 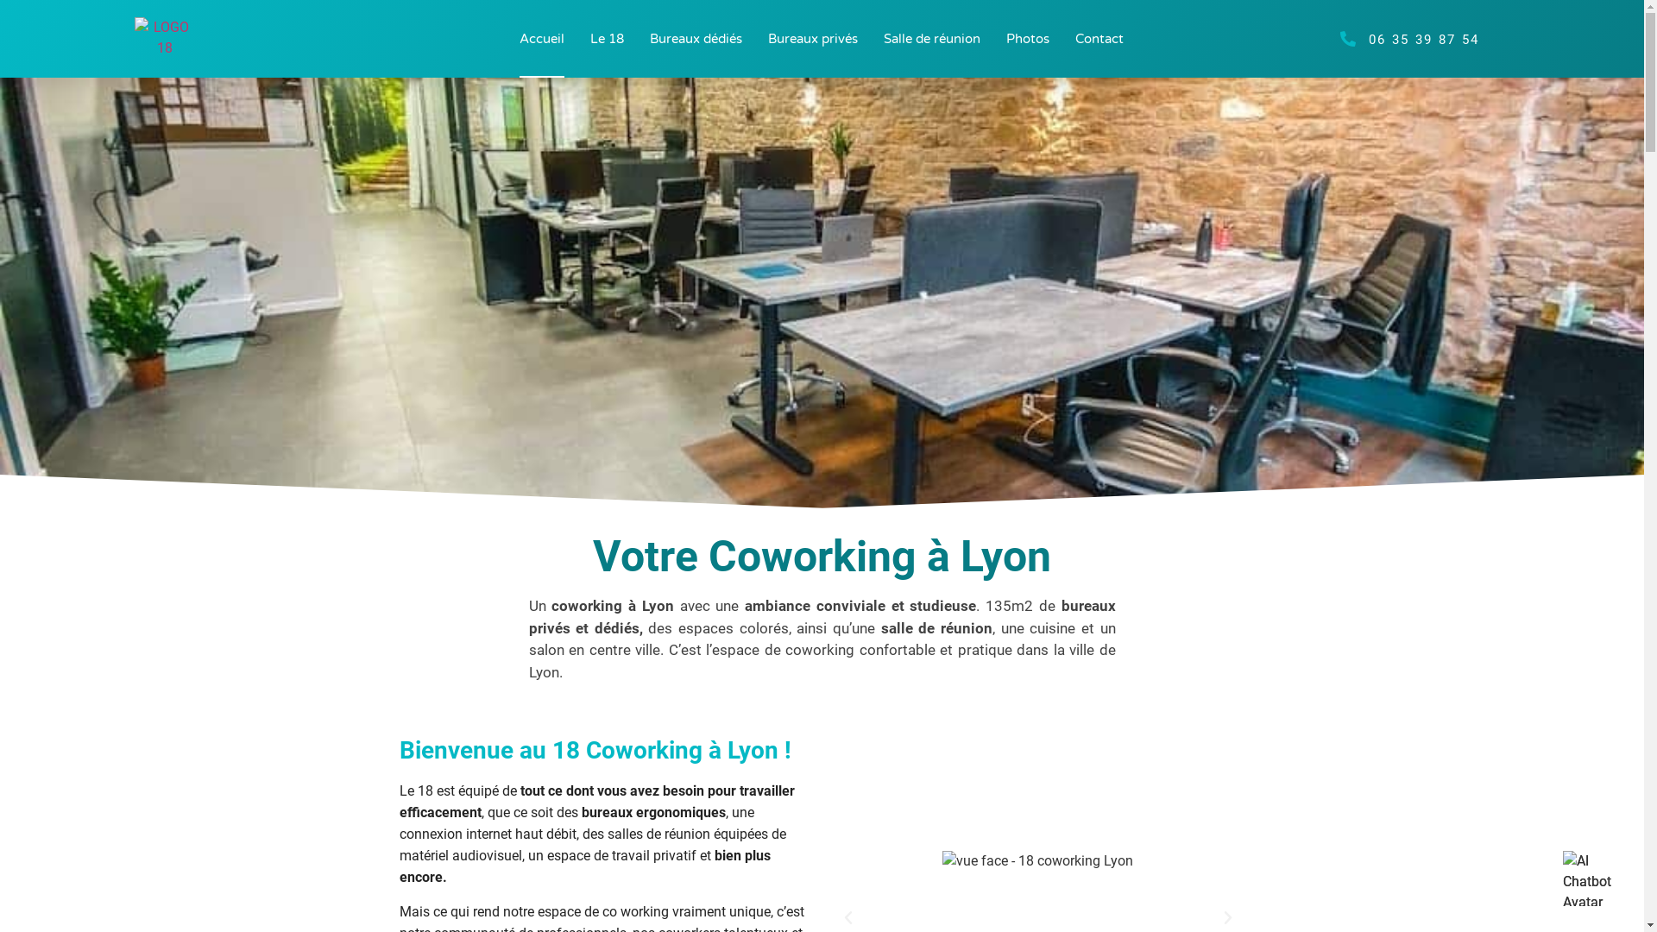 I want to click on 'Le 18', so click(x=607, y=39).